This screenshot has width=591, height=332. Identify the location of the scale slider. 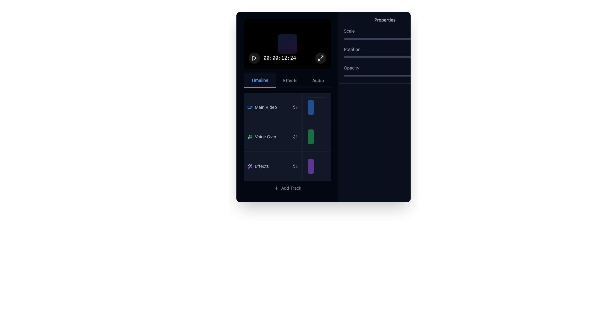
(397, 39).